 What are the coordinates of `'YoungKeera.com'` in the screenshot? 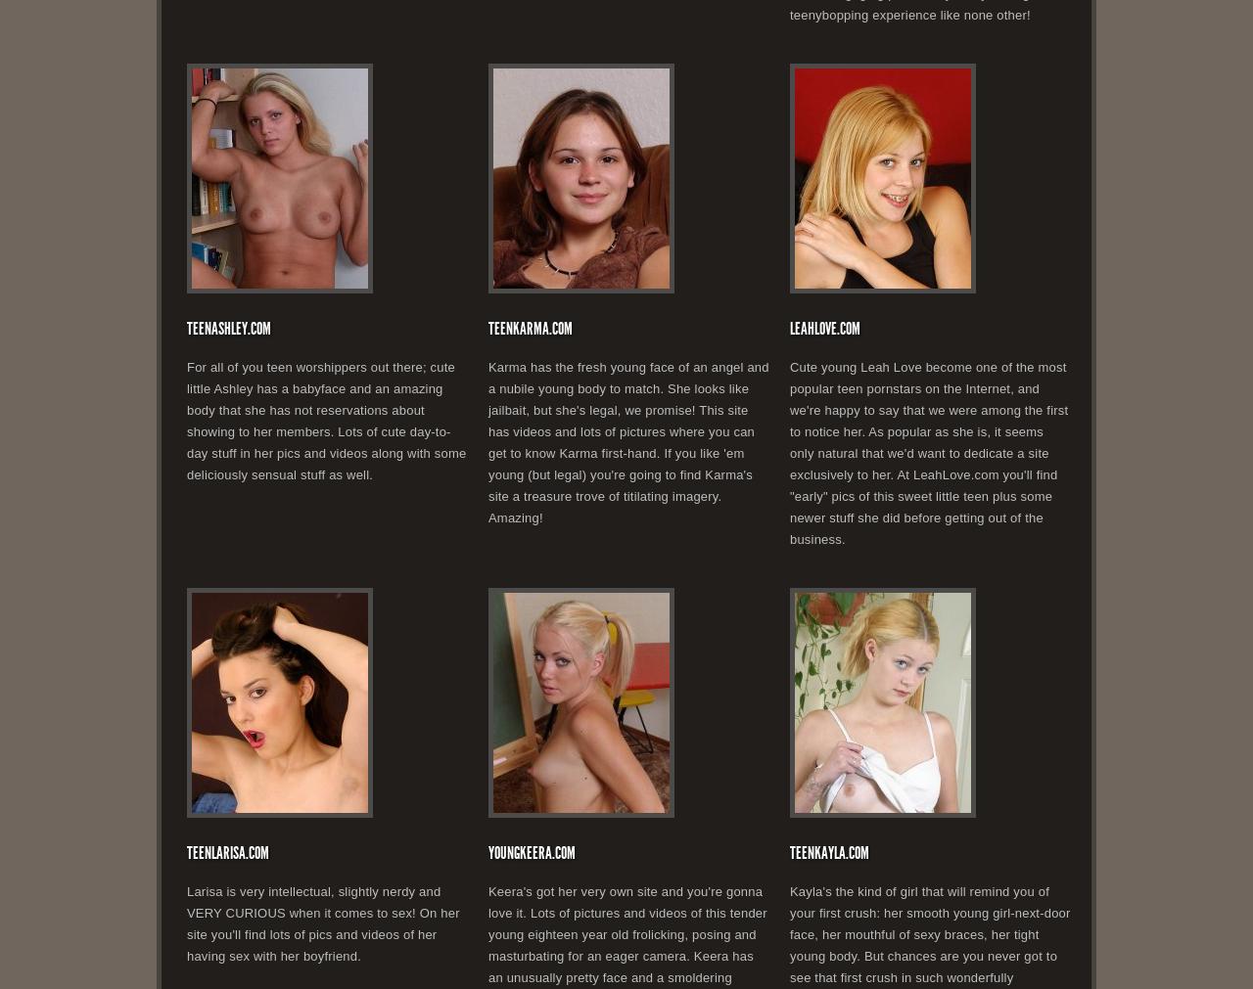 It's located at (532, 852).